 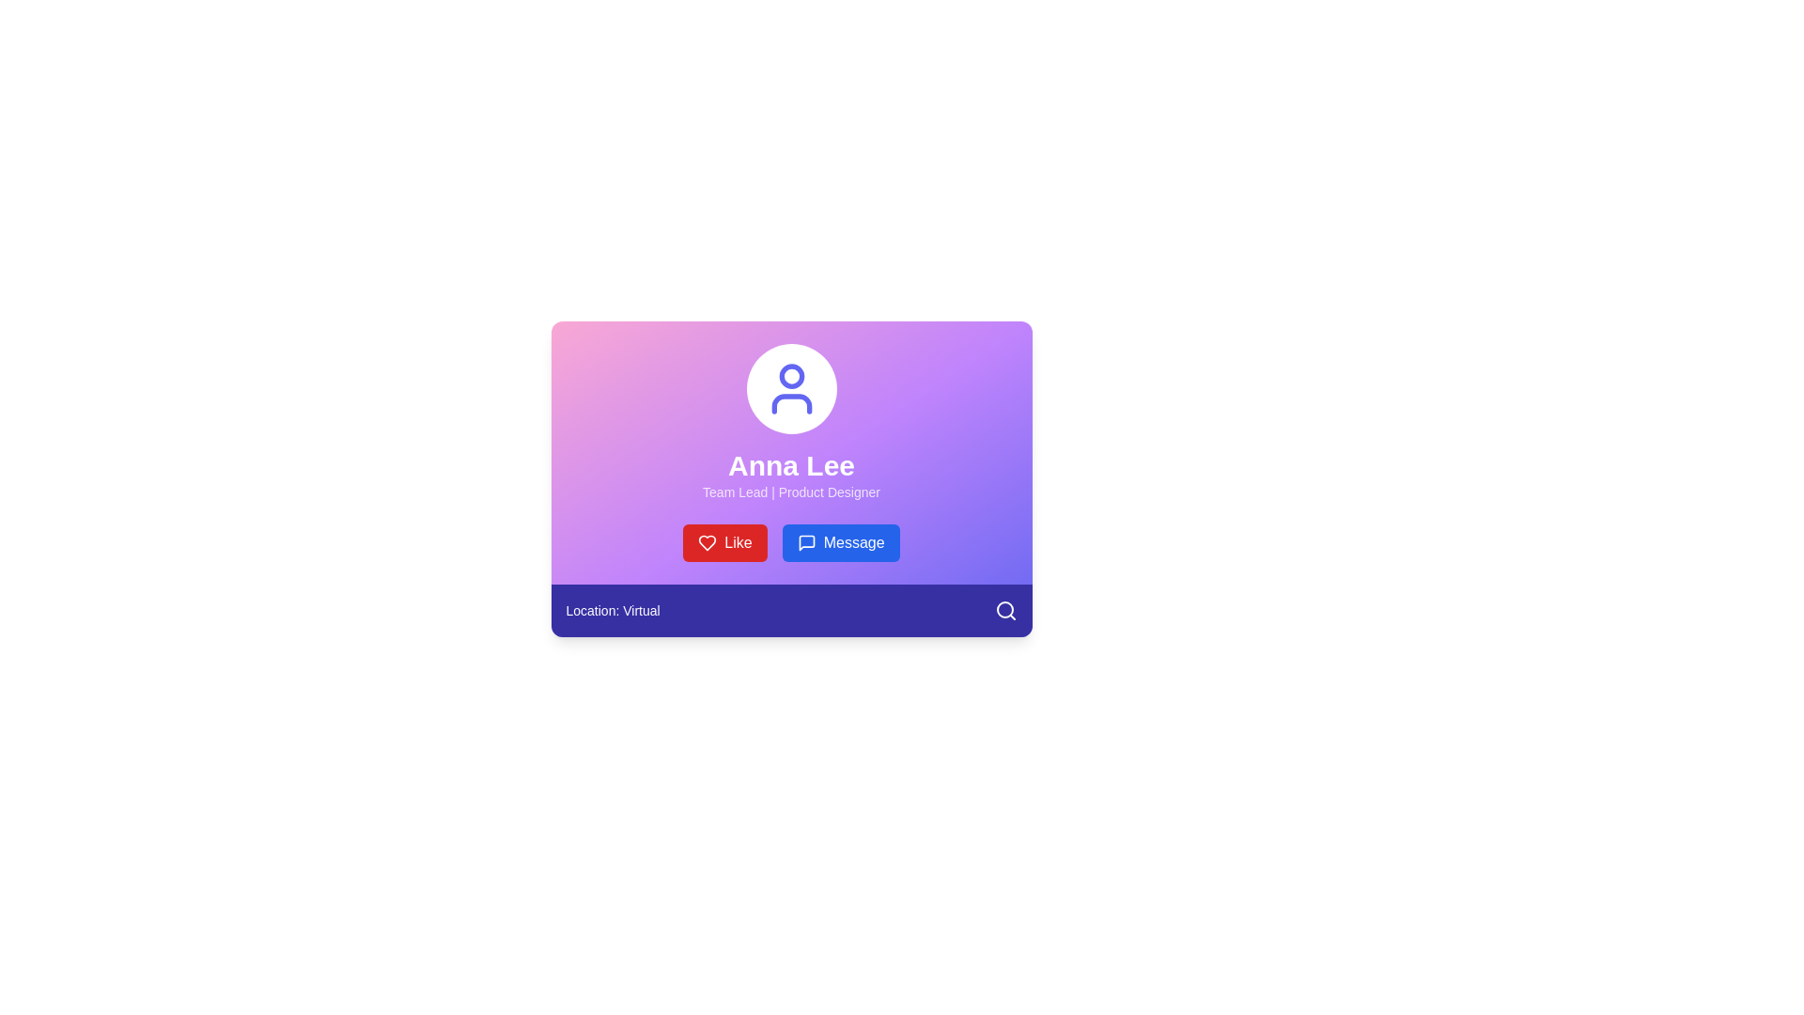 What do you see at coordinates (791, 376) in the screenshot?
I see `the circular graphical decoration located centrally on the face outline of the avatar icon in the user details card` at bounding box center [791, 376].